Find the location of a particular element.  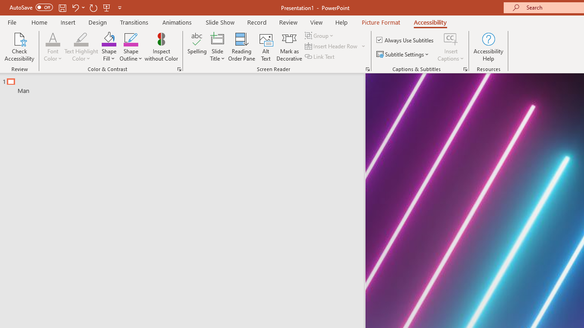

'Insert Header Row' is located at coordinates (335, 46).